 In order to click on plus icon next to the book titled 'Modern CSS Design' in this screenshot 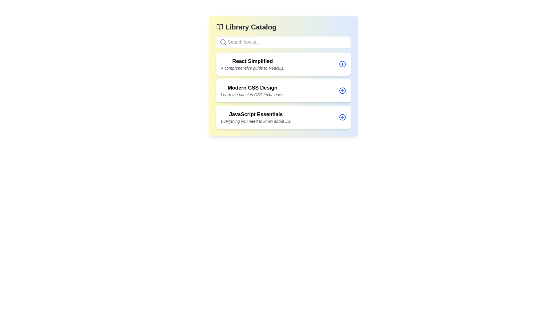, I will do `click(342, 90)`.